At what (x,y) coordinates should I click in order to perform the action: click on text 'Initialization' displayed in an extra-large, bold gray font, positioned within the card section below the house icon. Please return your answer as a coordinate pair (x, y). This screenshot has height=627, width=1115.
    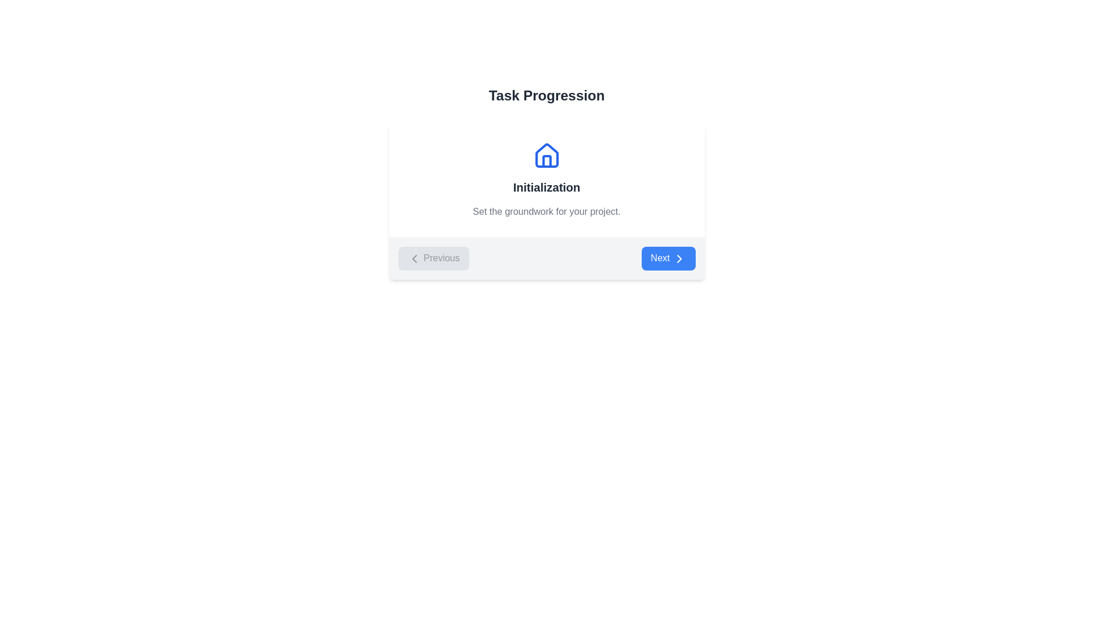
    Looking at the image, I should click on (546, 187).